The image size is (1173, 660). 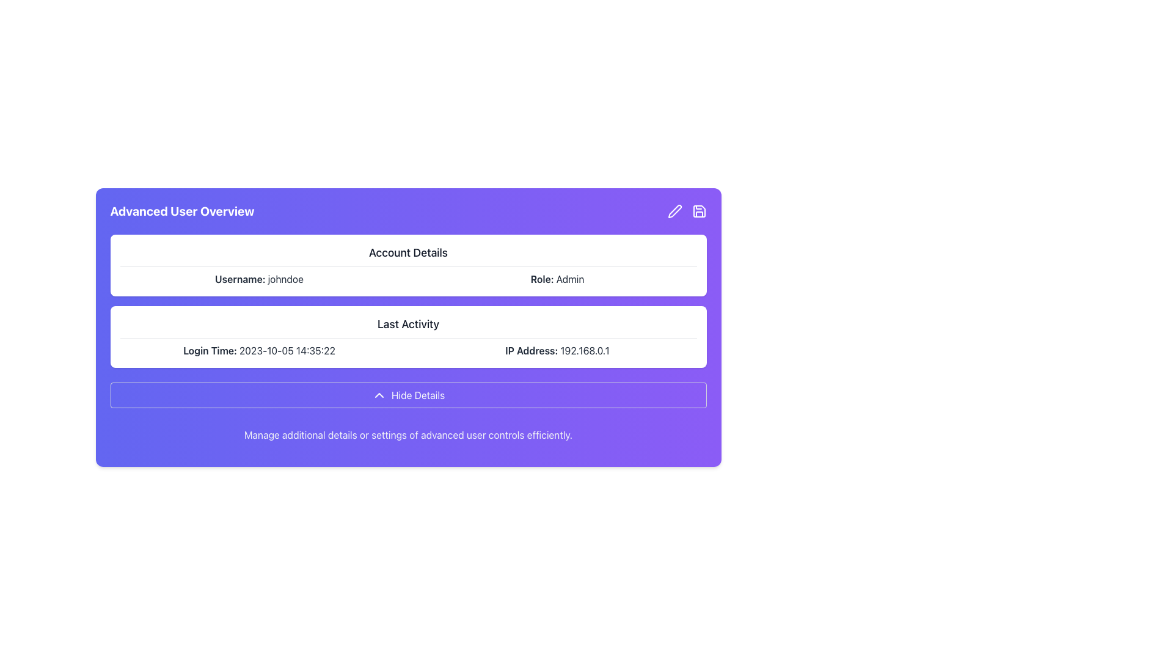 I want to click on text of the label displaying 'Role:' which is positioned to the left of the text 'Admin' under the 'Account Details' heading, so click(x=543, y=279).